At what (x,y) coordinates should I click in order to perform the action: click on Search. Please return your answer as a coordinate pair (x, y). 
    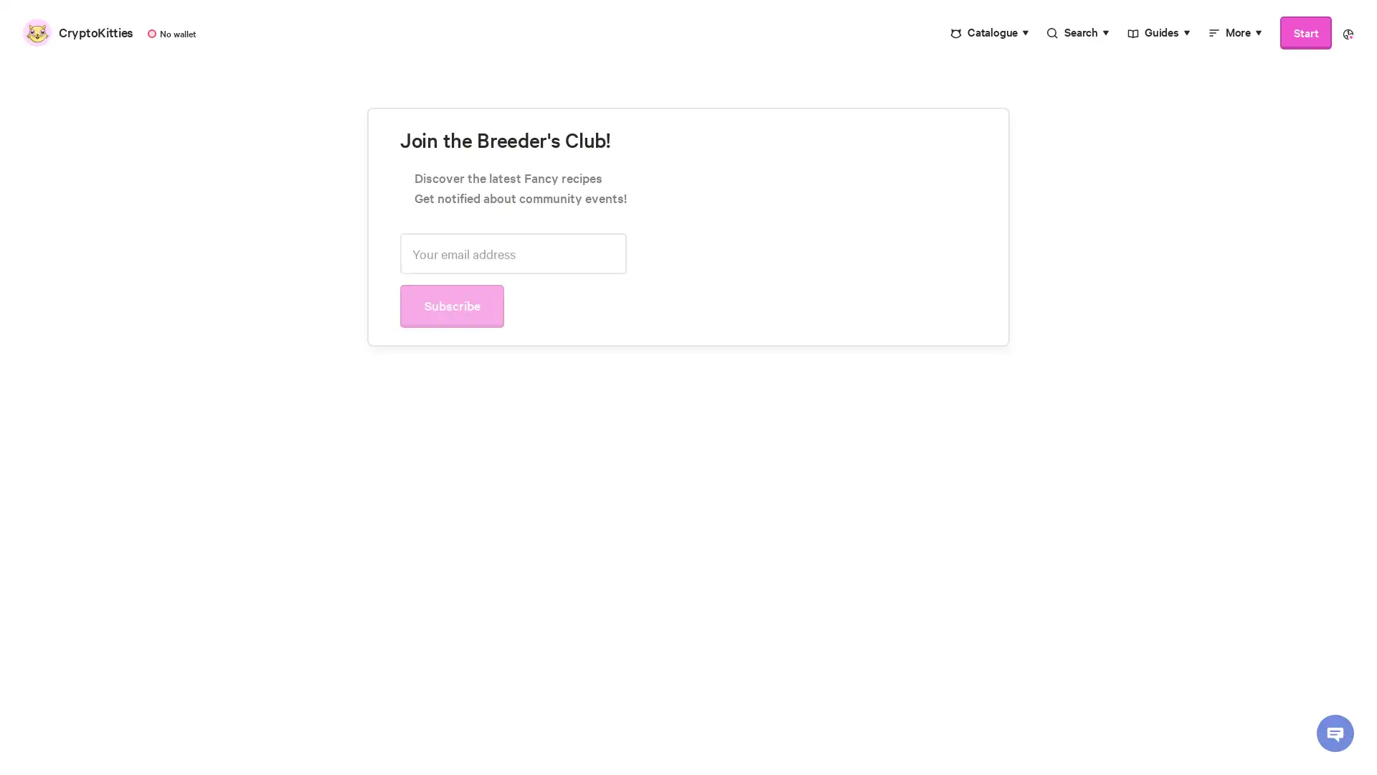
    Looking at the image, I should click on (1078, 32).